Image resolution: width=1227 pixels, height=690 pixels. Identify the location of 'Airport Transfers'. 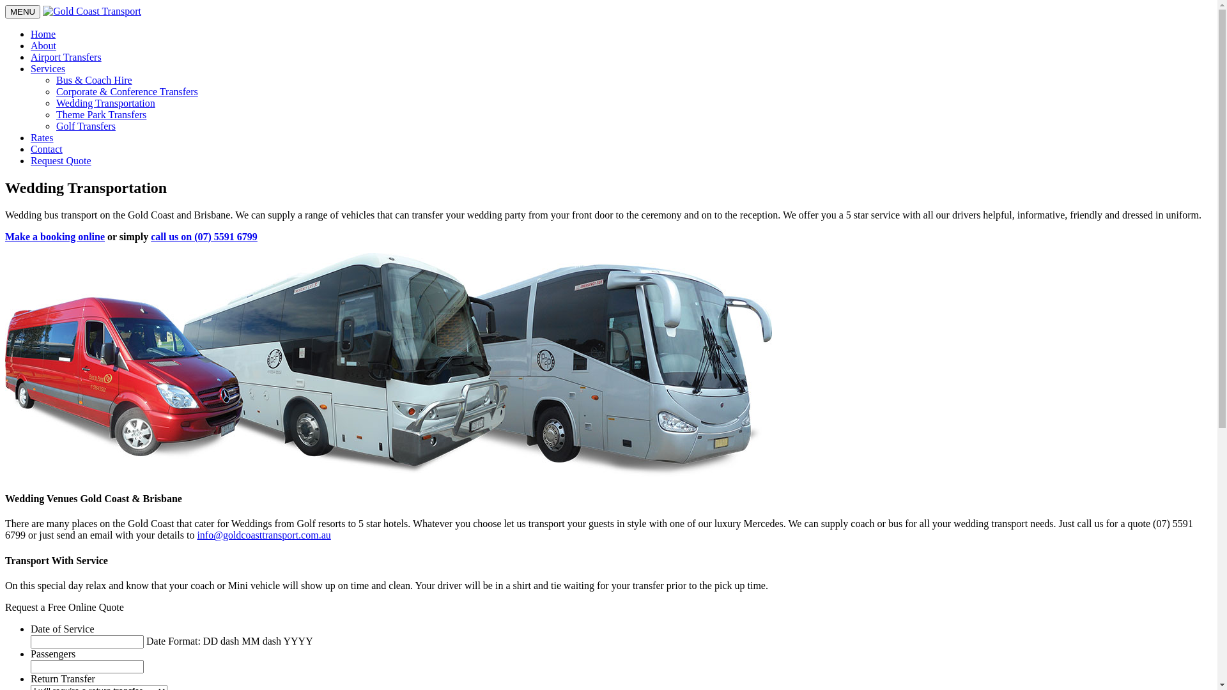
(65, 56).